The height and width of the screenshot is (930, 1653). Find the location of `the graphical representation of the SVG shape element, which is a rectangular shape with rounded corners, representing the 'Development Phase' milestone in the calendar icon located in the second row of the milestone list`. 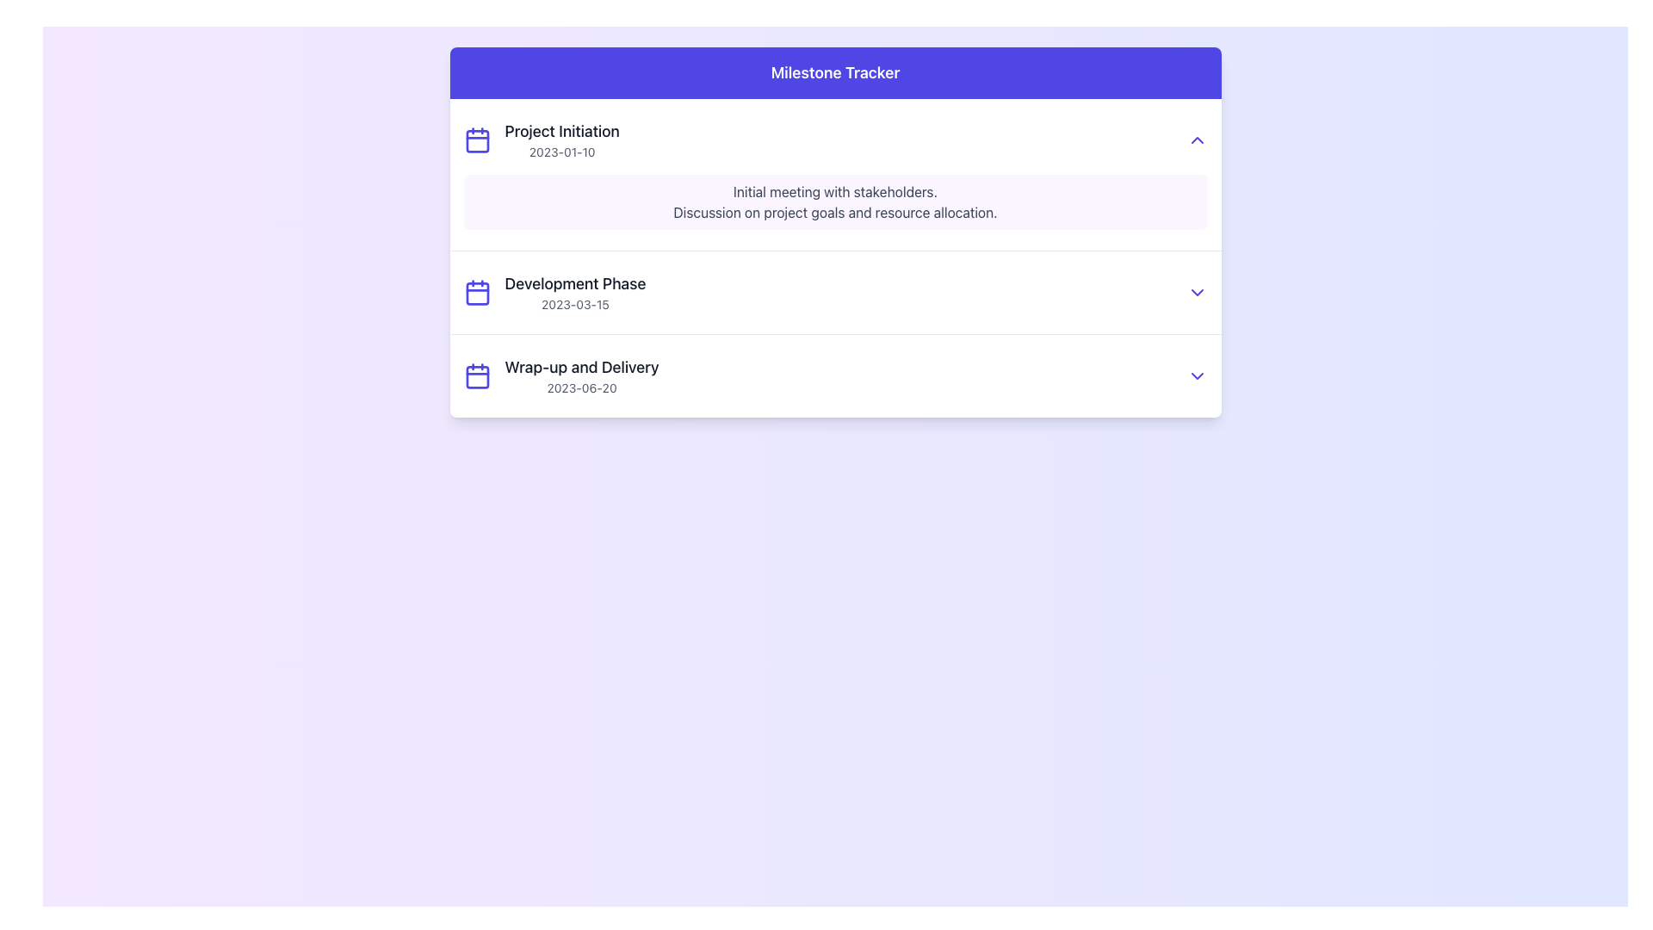

the graphical representation of the SVG shape element, which is a rectangular shape with rounded corners, representing the 'Development Phase' milestone in the calendar icon located in the second row of the milestone list is located at coordinates (477, 293).